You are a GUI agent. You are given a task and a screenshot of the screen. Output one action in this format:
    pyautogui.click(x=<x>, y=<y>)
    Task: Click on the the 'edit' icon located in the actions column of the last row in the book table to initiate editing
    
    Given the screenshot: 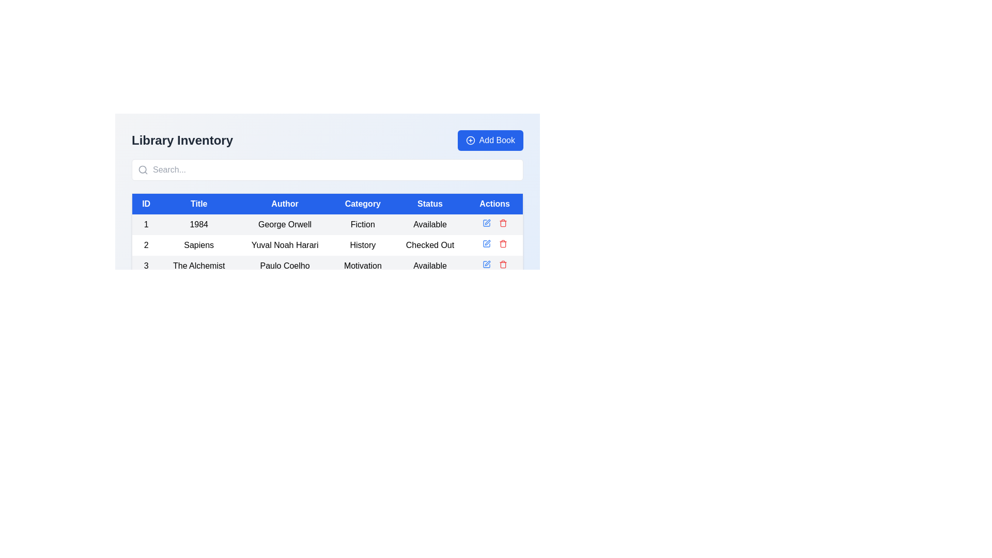 What is the action you would take?
    pyautogui.click(x=486, y=264)
    